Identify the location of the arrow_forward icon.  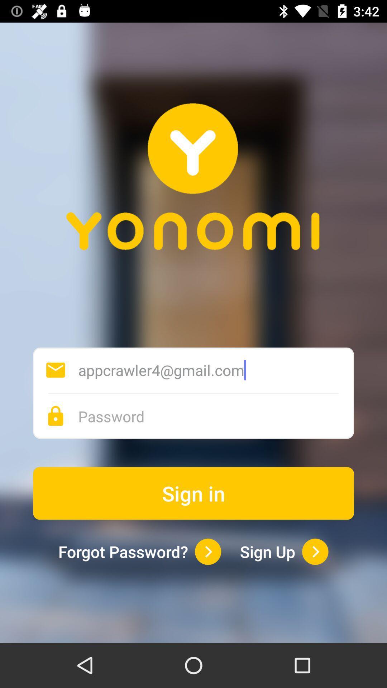
(208, 551).